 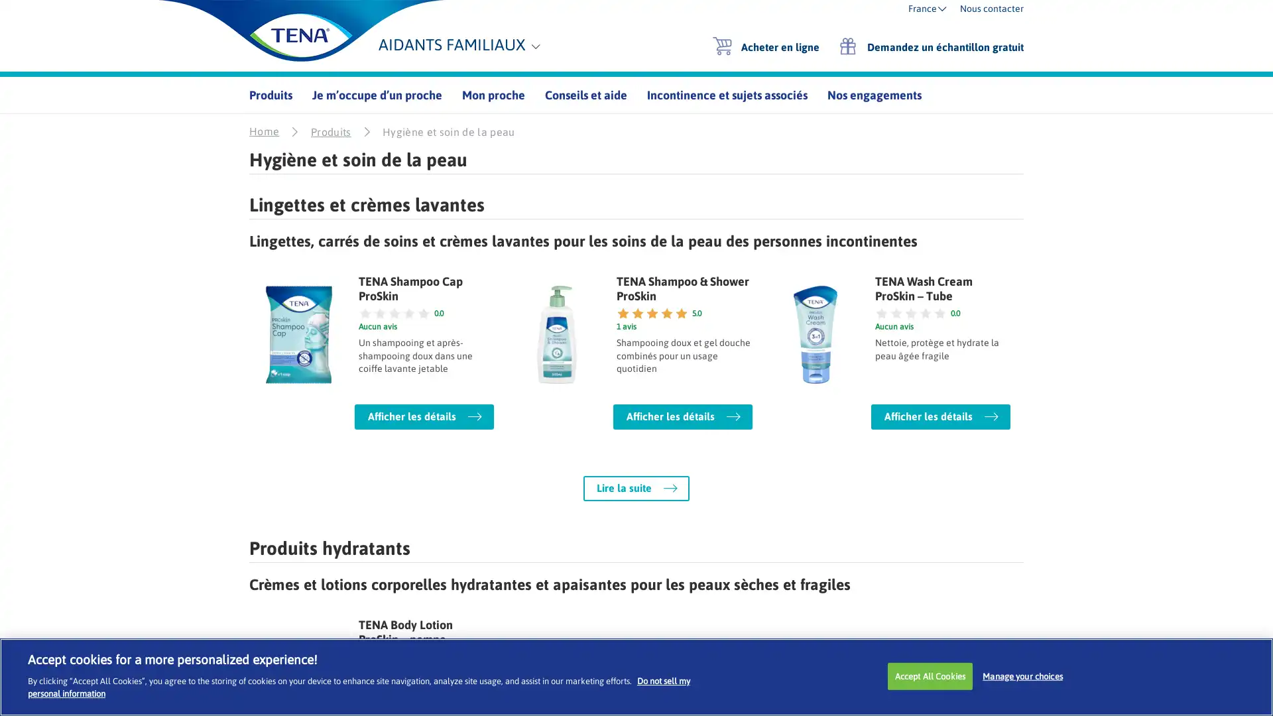 I want to click on Je moccupe dun proche, so click(x=377, y=94).